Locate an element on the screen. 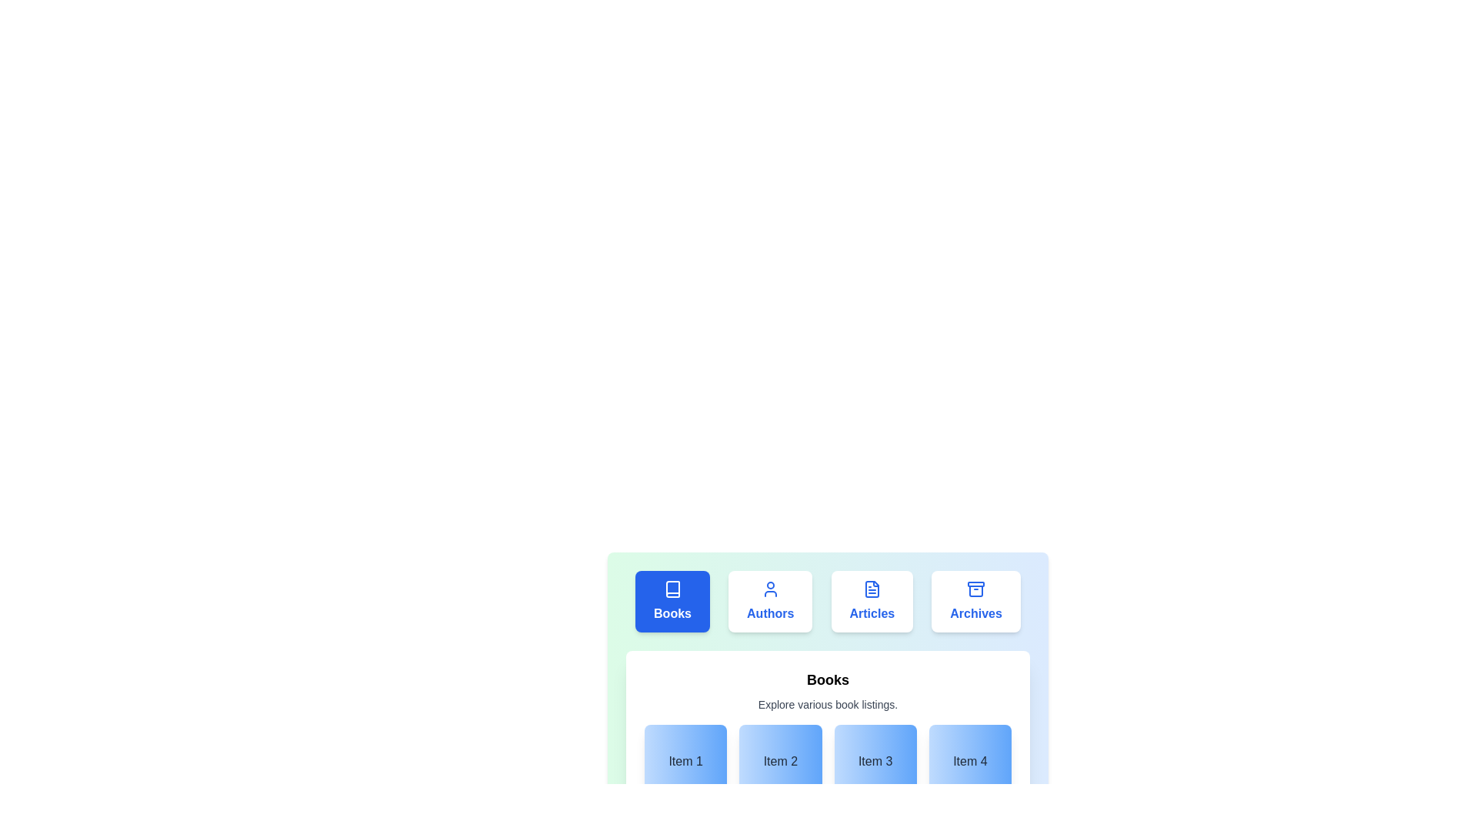 Image resolution: width=1477 pixels, height=831 pixels. the tab labeled Articles to activate it is located at coordinates (872, 601).